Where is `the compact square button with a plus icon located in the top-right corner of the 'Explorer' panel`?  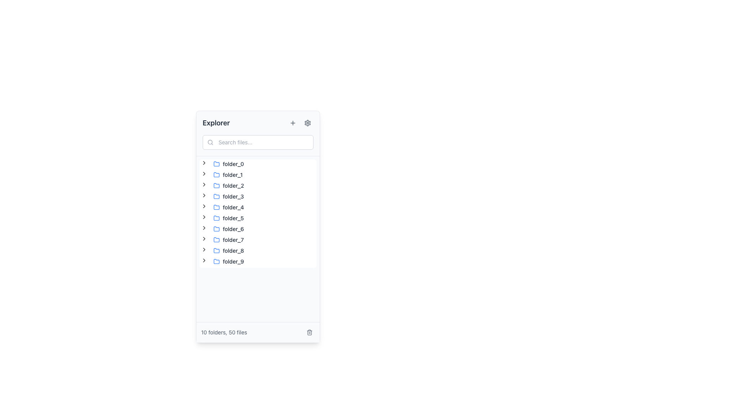 the compact square button with a plus icon located in the top-right corner of the 'Explorer' panel is located at coordinates (292, 122).